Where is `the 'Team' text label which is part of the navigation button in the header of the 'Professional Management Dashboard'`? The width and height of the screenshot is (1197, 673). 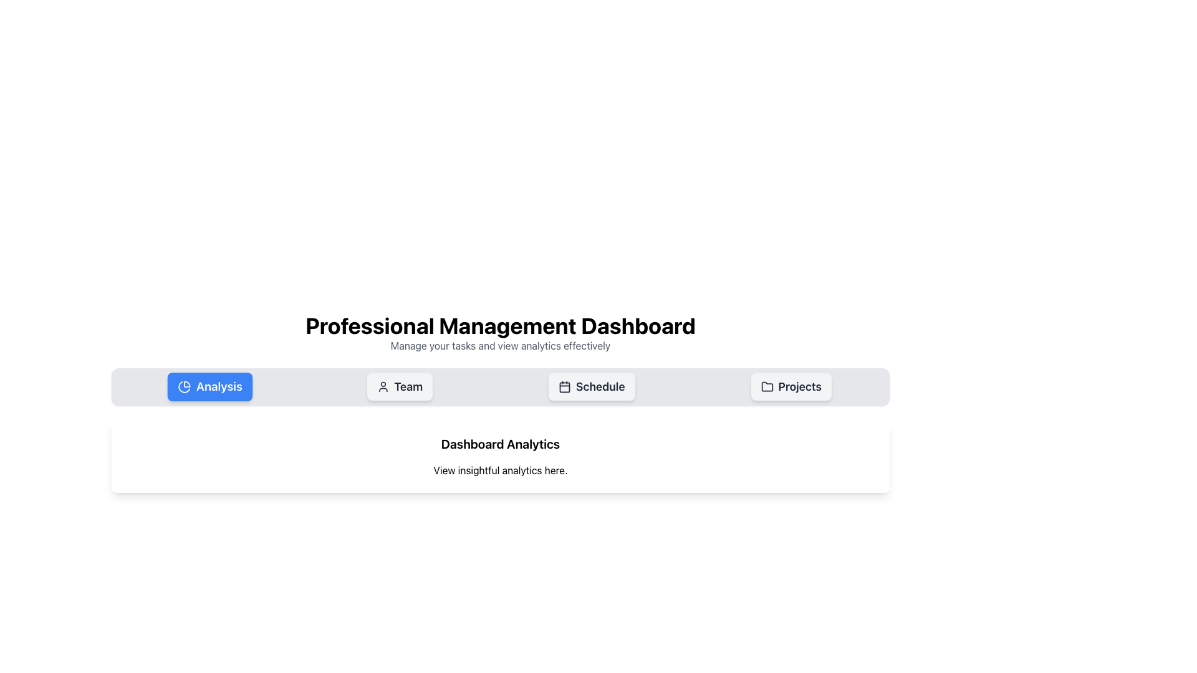 the 'Team' text label which is part of the navigation button in the header of the 'Professional Management Dashboard' is located at coordinates (408, 386).